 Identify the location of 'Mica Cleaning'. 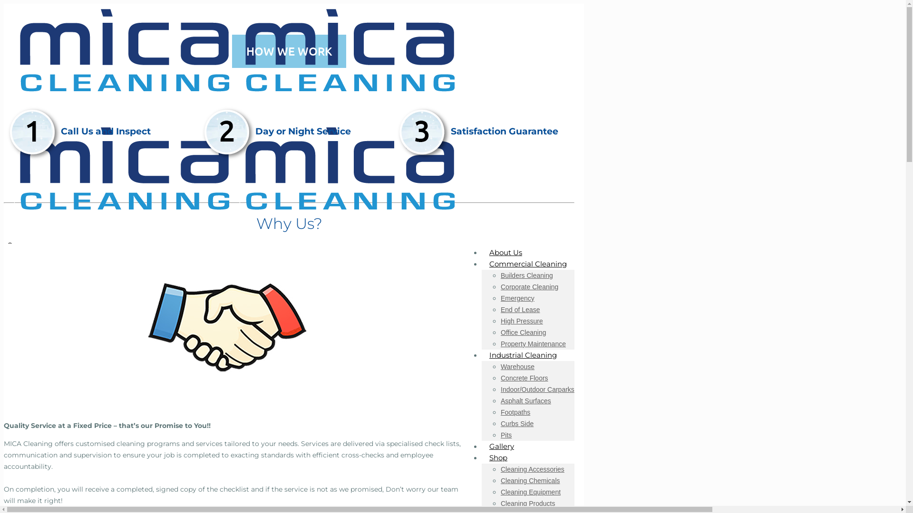
(229, 160).